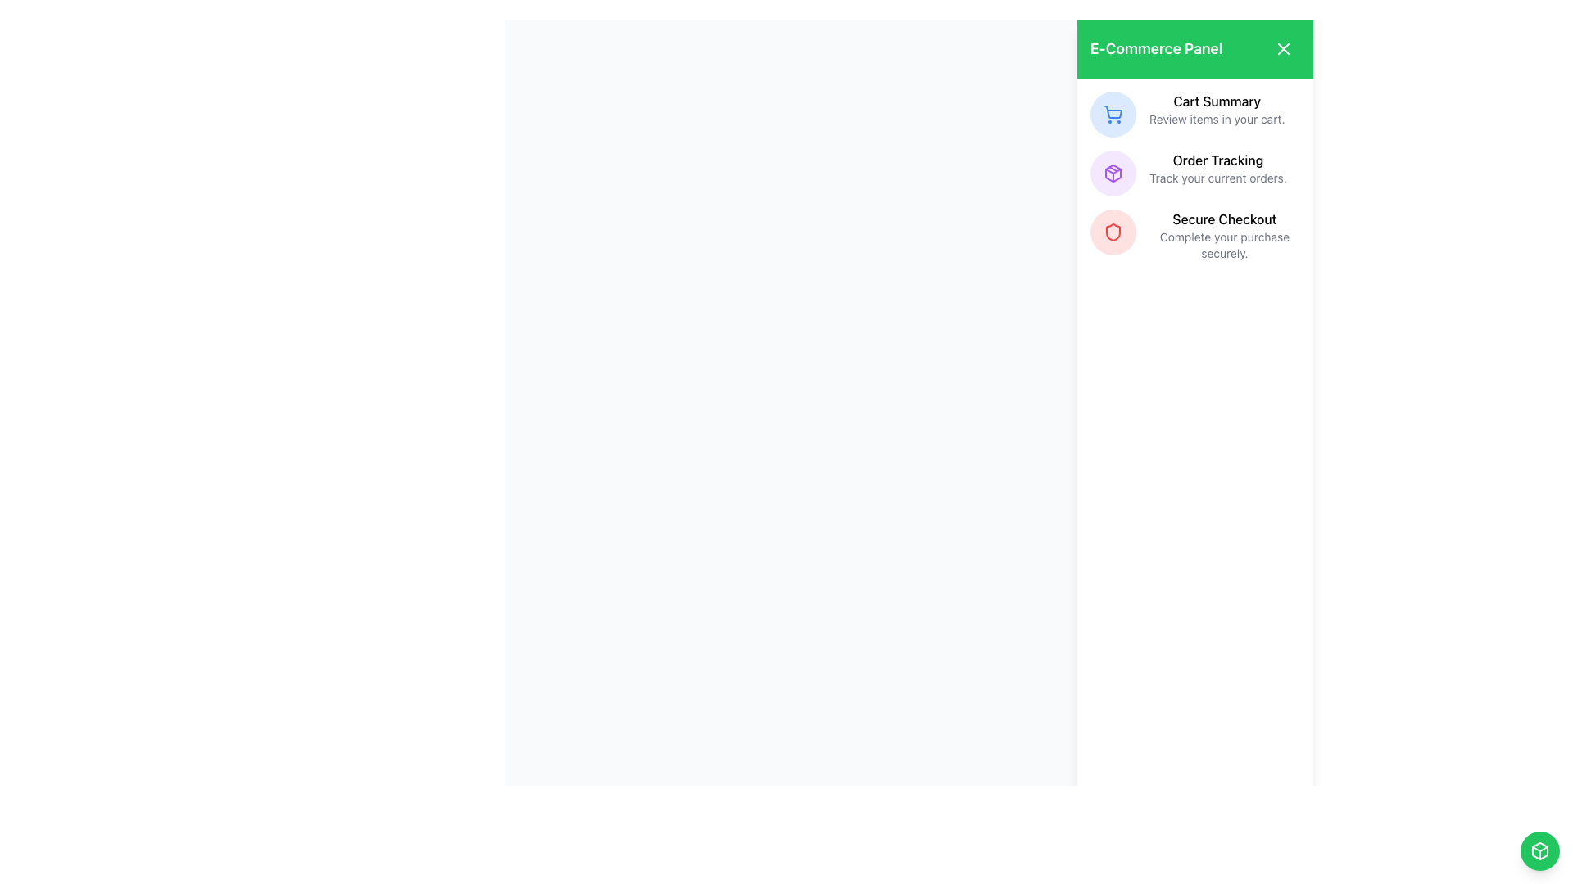  Describe the element at coordinates (1155, 48) in the screenshot. I see `title displayed in the Text Header that shows 'E-Commerce Panel' in a bold white font within a green header bar on the right side of the interface` at that location.